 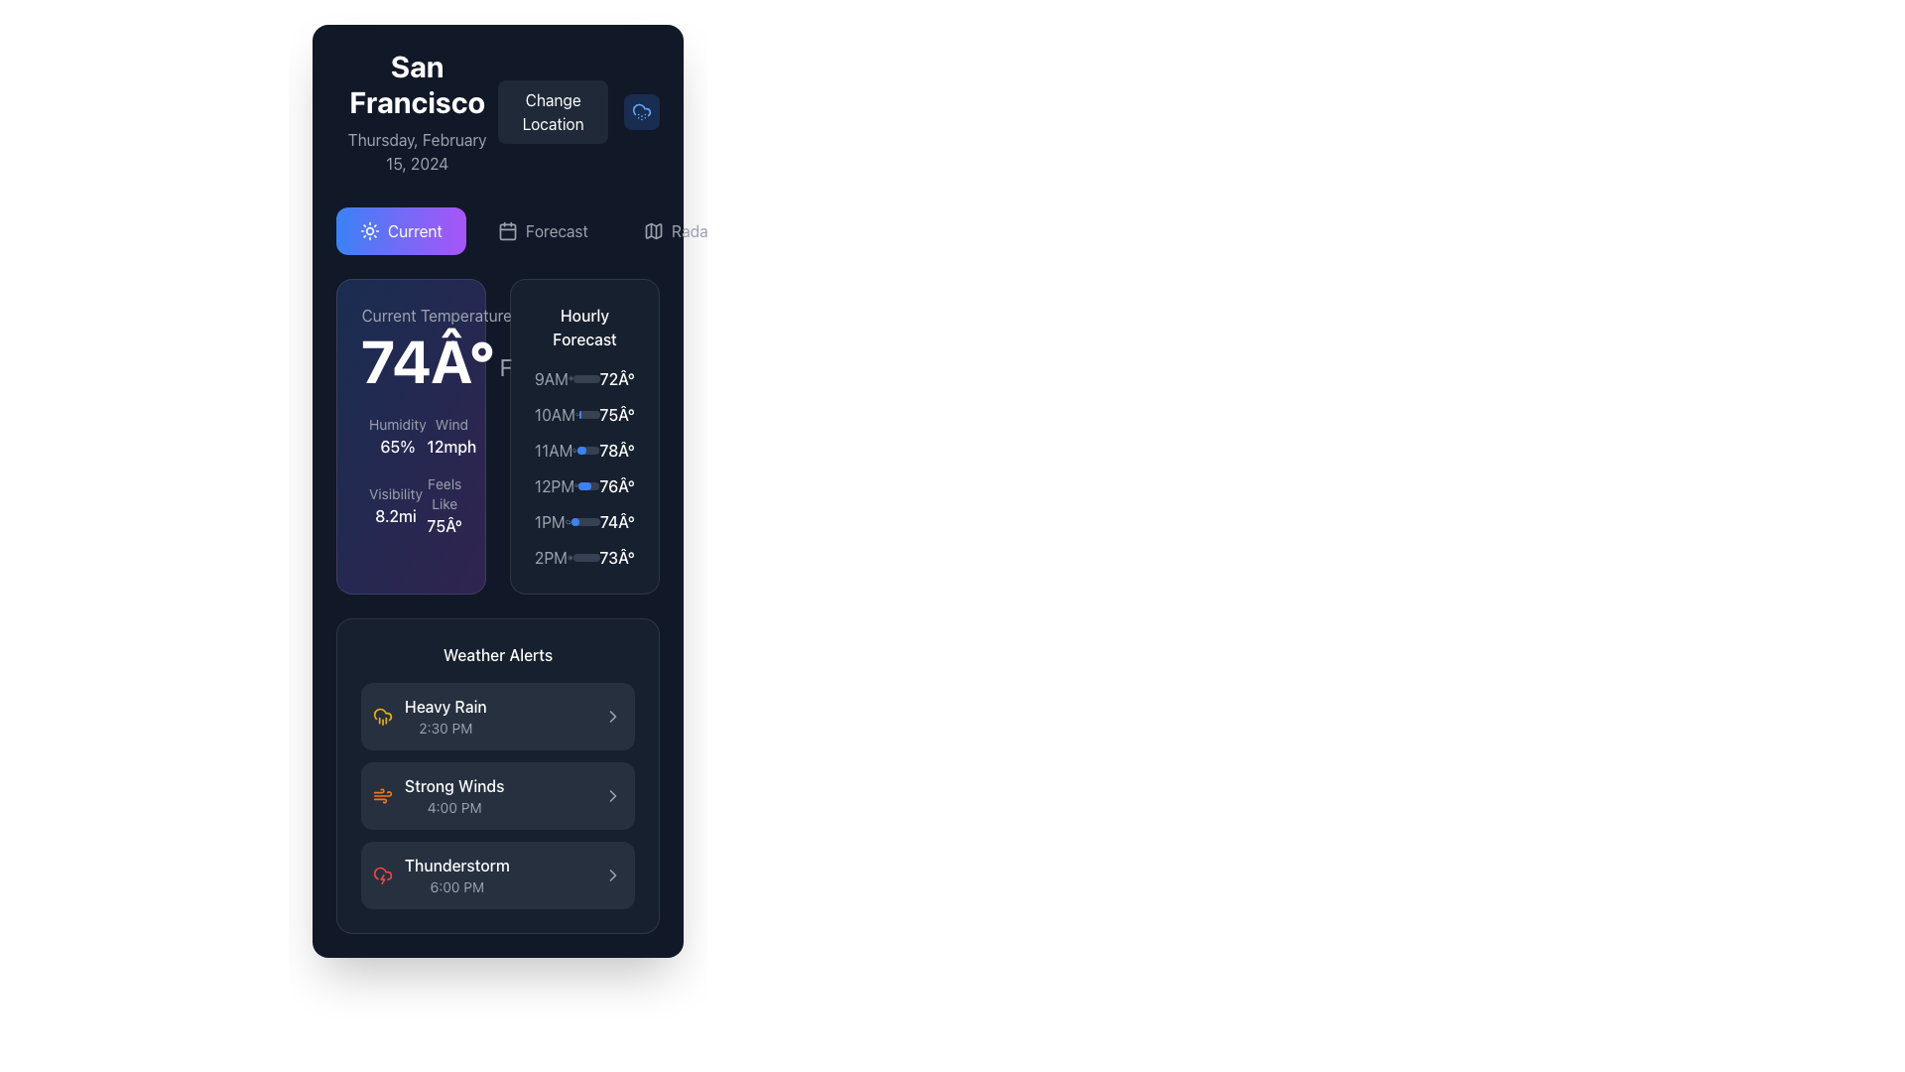 I want to click on temperature '75°' and the time '10AM' from the hourly temperature forecast row located in the 'Hourly Forecast' section, so click(x=583, y=413).